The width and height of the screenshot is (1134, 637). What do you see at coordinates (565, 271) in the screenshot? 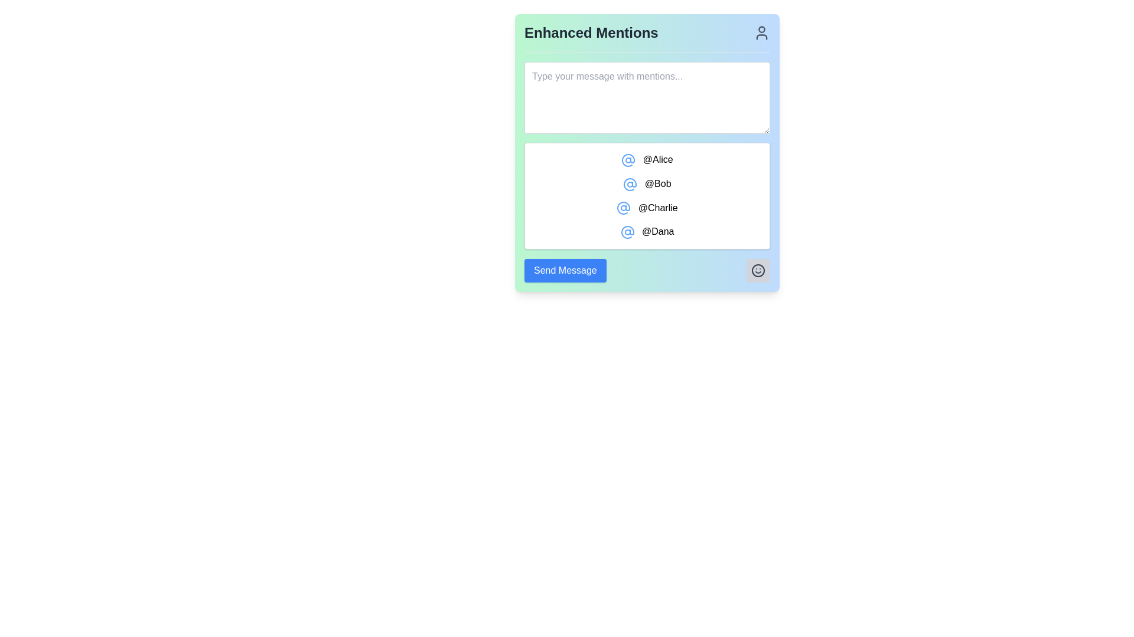
I see `the rectangular button with a blue background and white text that reads 'Send Message' to observe its hover effects` at bounding box center [565, 271].